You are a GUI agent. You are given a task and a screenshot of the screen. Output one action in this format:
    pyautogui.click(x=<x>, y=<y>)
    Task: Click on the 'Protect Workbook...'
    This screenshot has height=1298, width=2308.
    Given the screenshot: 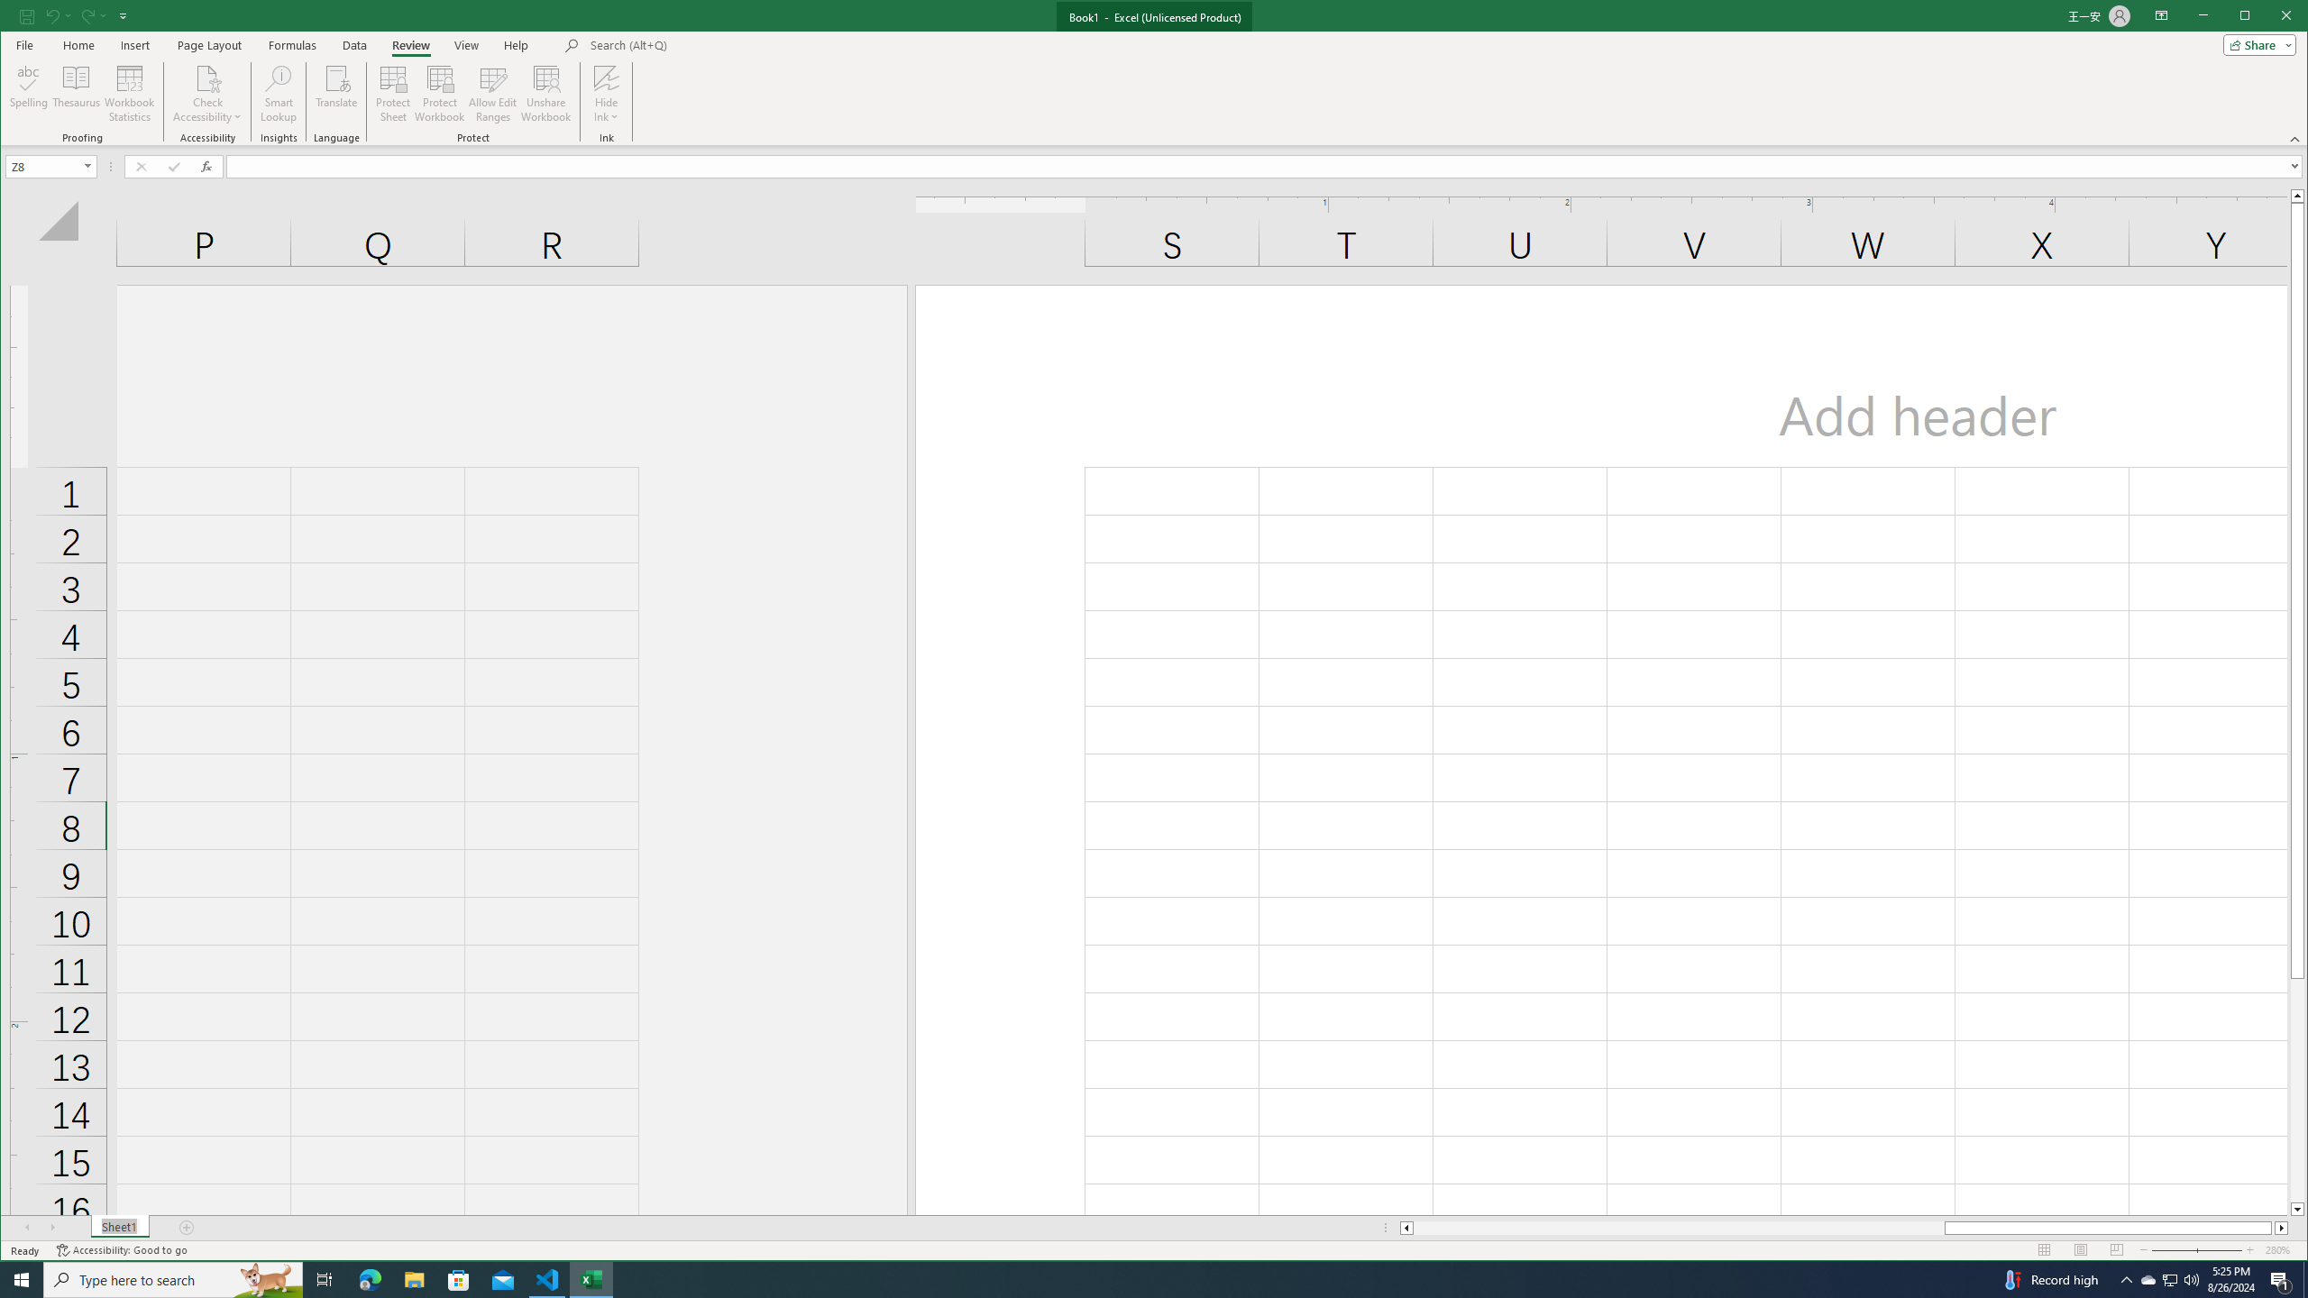 What is the action you would take?
    pyautogui.click(x=438, y=93)
    